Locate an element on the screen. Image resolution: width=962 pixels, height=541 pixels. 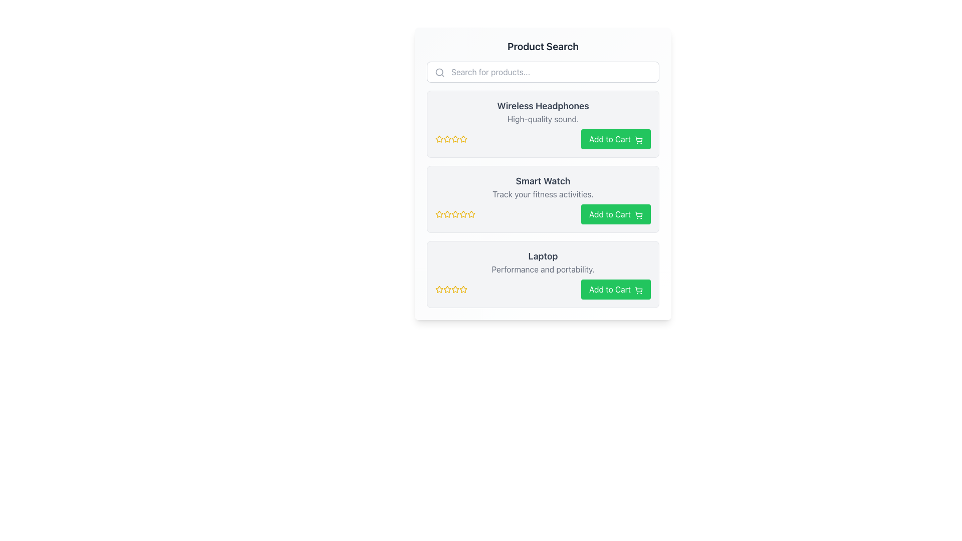
the text label that reads 'Performance and portability.' which is styled in grey and located below the 'Laptop' title in the product card is located at coordinates (543, 268).